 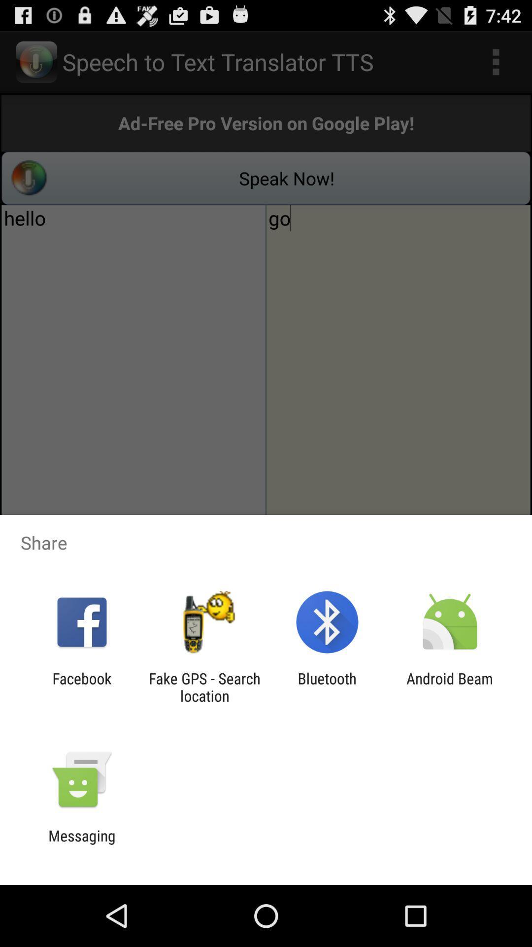 I want to click on the app next to the bluetooth app, so click(x=204, y=687).